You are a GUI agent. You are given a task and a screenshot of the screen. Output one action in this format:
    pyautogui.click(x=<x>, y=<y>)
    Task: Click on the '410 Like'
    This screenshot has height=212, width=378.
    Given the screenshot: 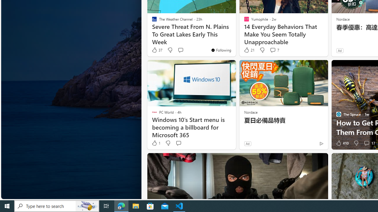 What is the action you would take?
    pyautogui.click(x=342, y=143)
    